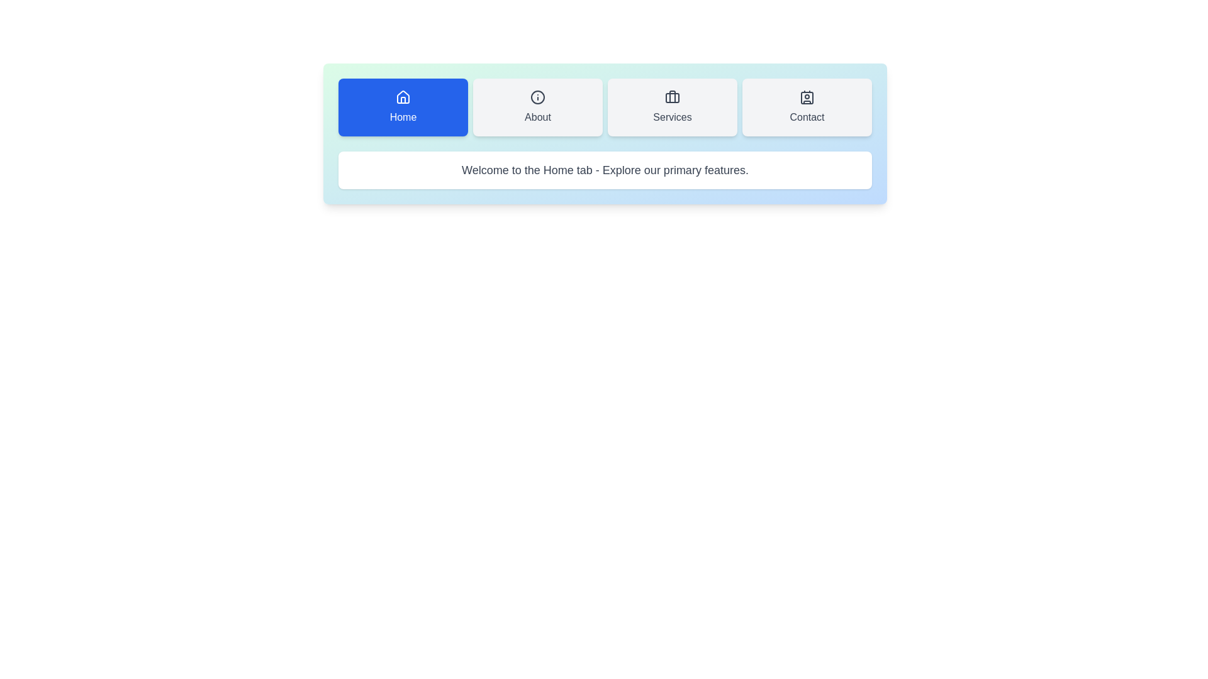 The image size is (1208, 679). What do you see at coordinates (537, 117) in the screenshot?
I see `the 'About' button, which is a text label displaying the word 'About' in dark gray color, located inside a card-like structure below an information icon` at bounding box center [537, 117].